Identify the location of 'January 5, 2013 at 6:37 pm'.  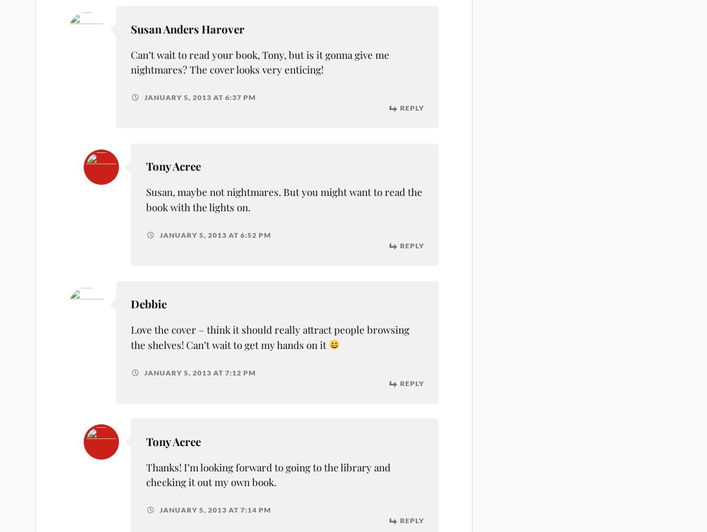
(199, 97).